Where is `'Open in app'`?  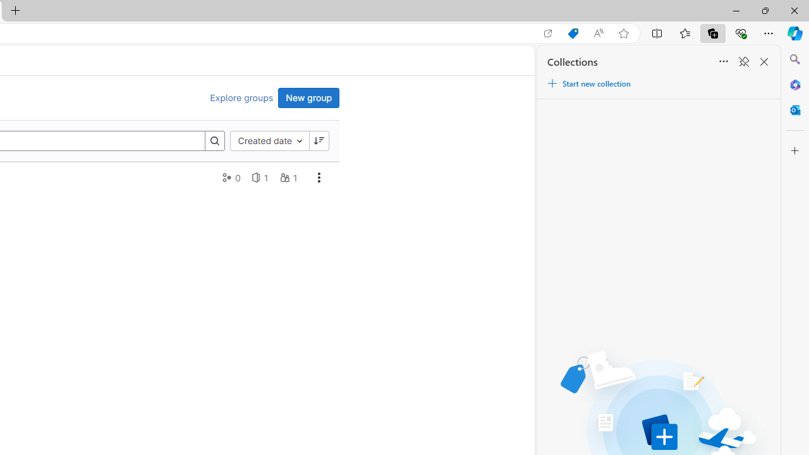 'Open in app' is located at coordinates (548, 33).